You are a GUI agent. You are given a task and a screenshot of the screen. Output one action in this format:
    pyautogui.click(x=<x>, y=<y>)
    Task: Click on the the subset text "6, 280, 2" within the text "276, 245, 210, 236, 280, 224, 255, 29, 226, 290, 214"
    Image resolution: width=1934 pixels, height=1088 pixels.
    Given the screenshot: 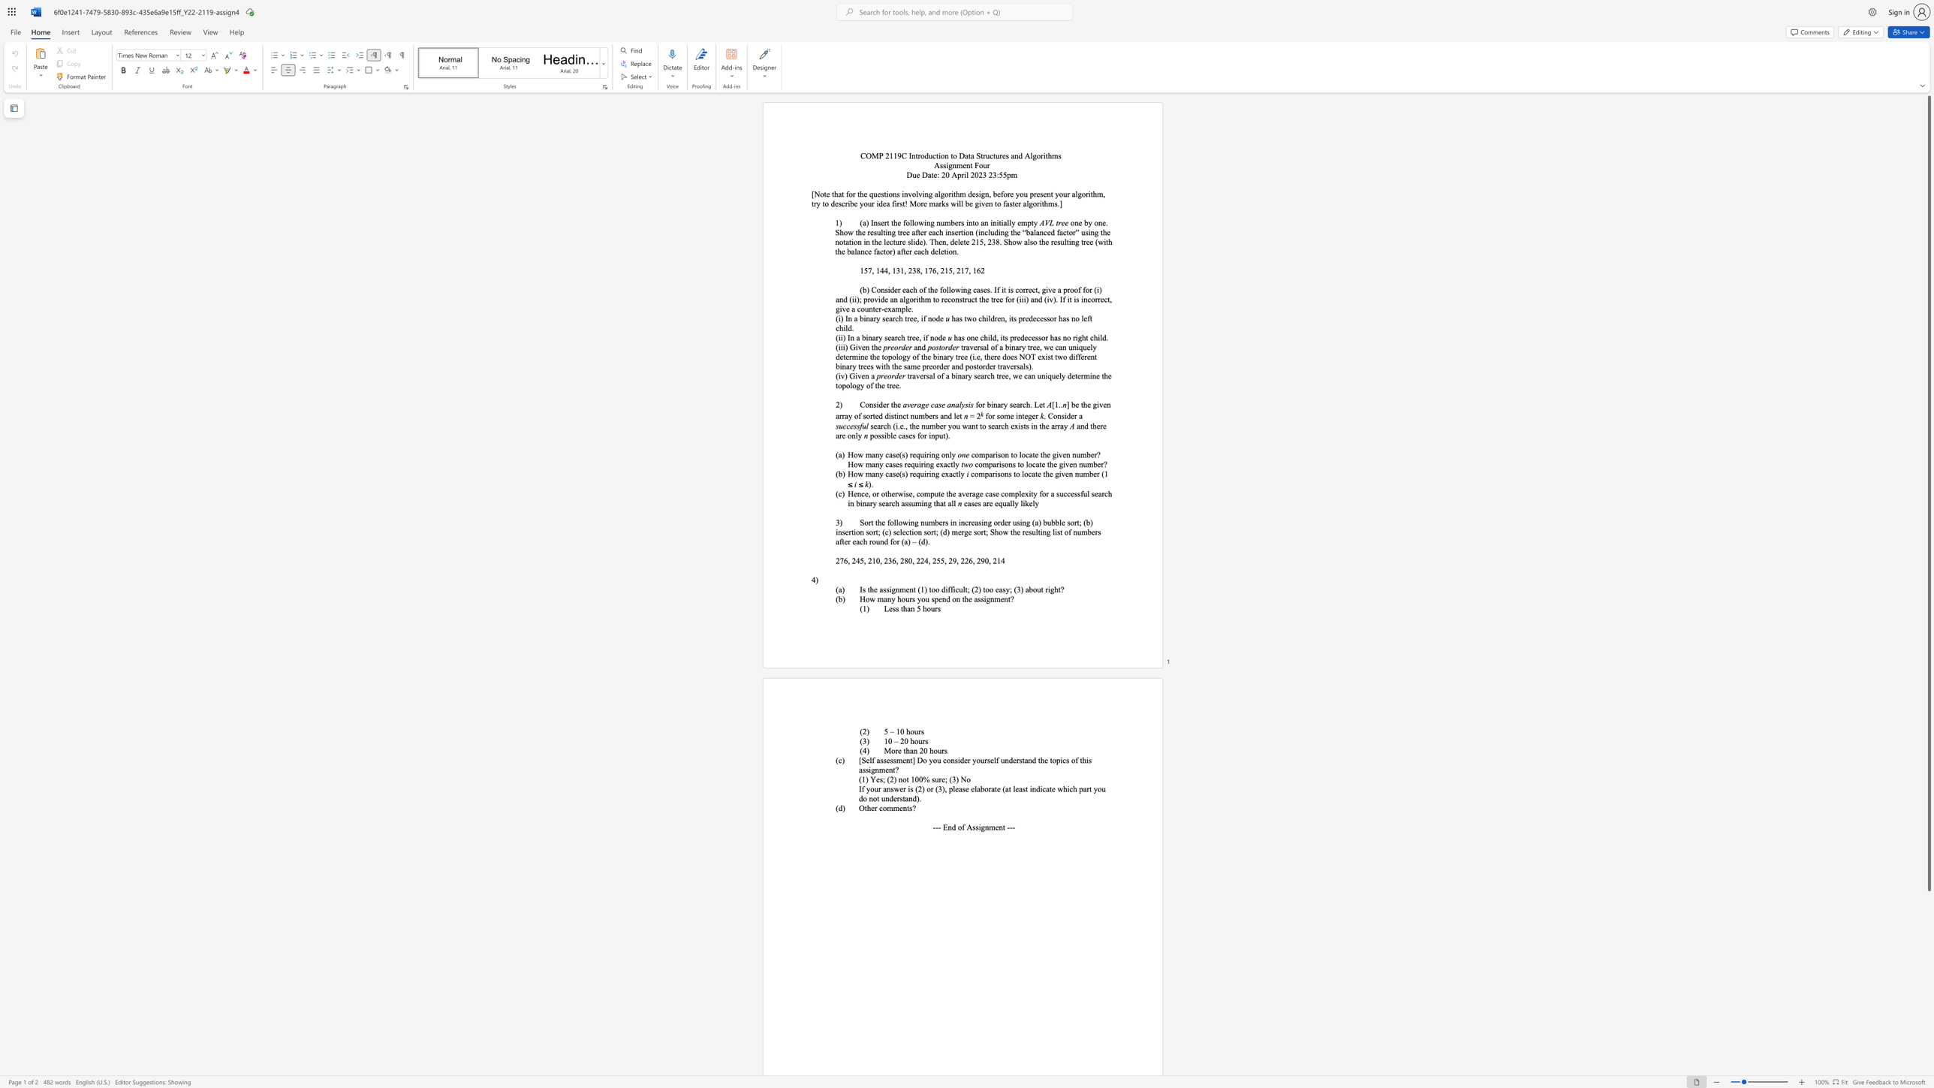 What is the action you would take?
    pyautogui.click(x=892, y=560)
    